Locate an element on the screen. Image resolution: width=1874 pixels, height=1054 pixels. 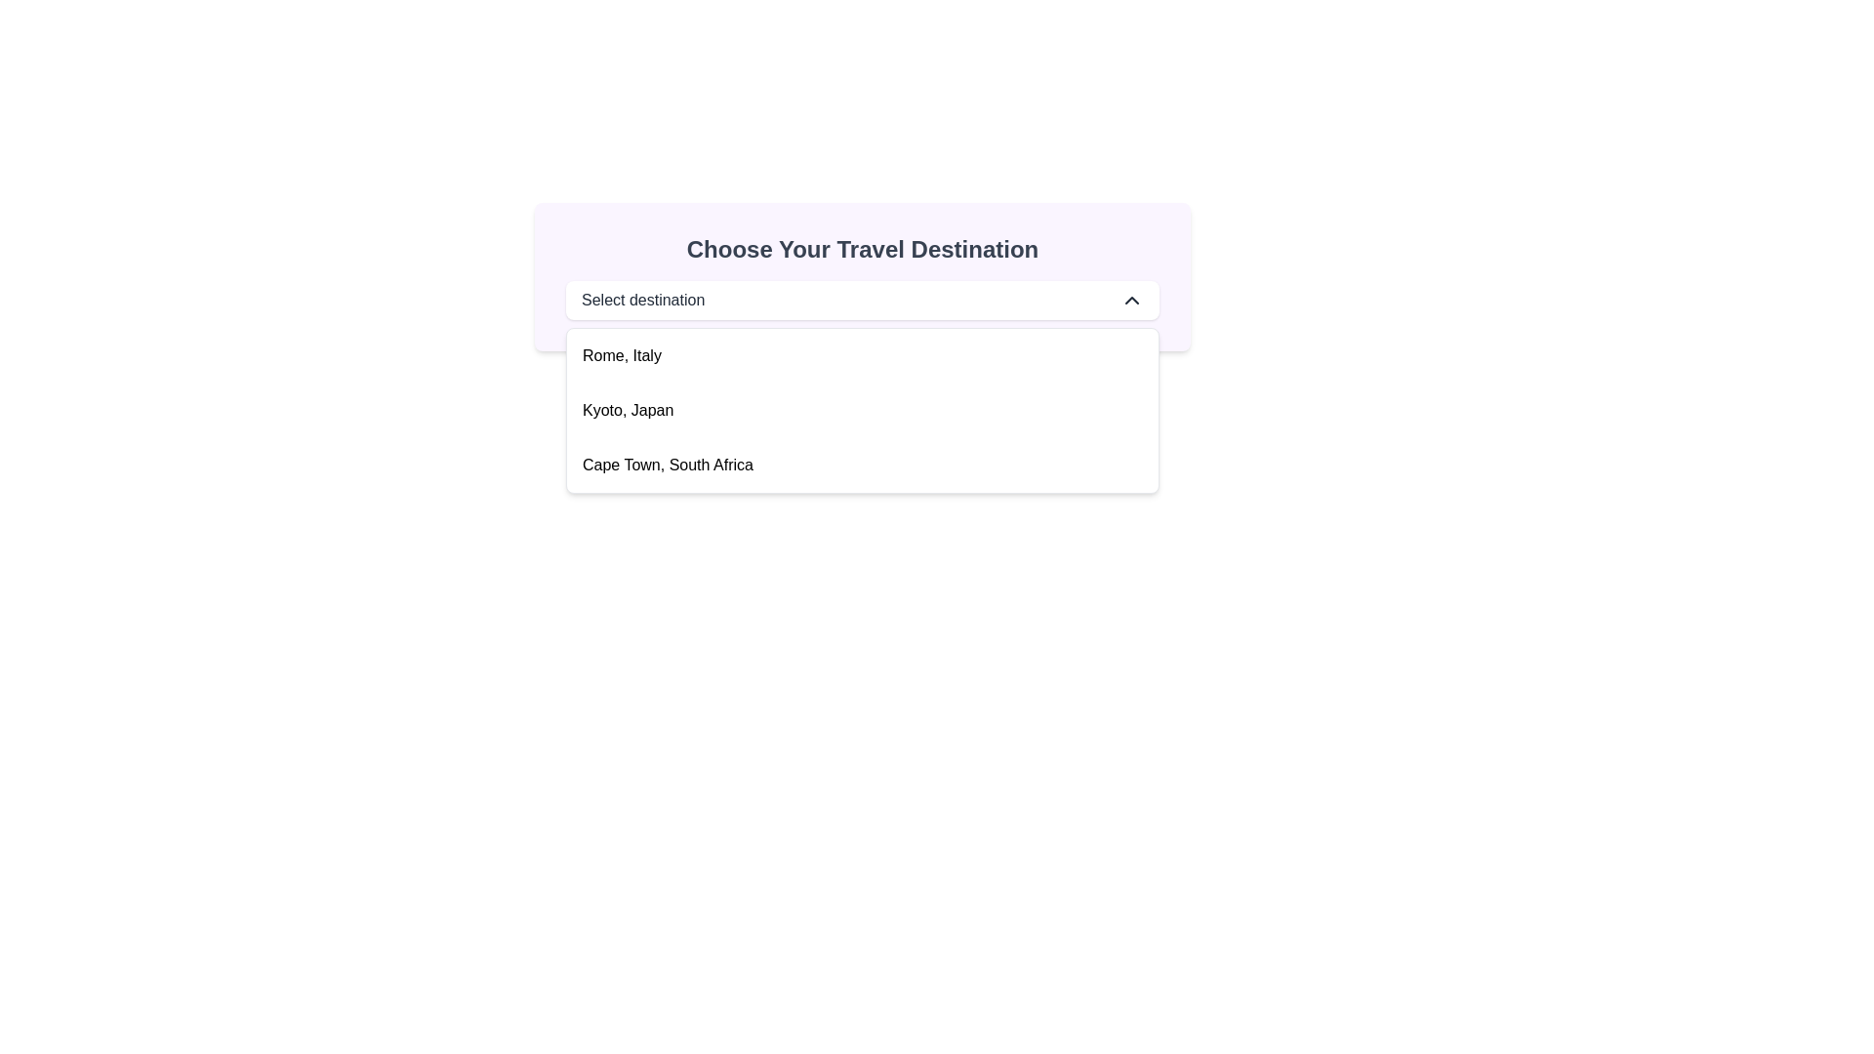
the 'Cape Town, South Africa' dropdown menu option is located at coordinates (861, 466).